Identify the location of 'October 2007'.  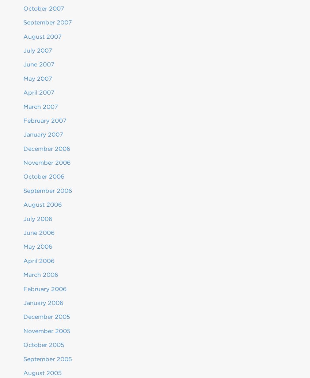
(43, 8).